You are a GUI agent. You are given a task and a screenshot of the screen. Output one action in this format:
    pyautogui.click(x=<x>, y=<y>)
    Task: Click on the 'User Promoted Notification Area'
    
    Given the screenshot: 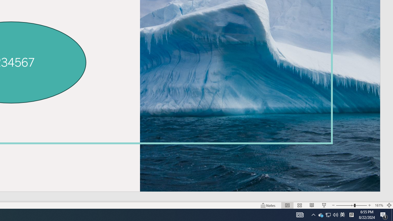 What is the action you would take?
    pyautogui.click(x=328, y=214)
    